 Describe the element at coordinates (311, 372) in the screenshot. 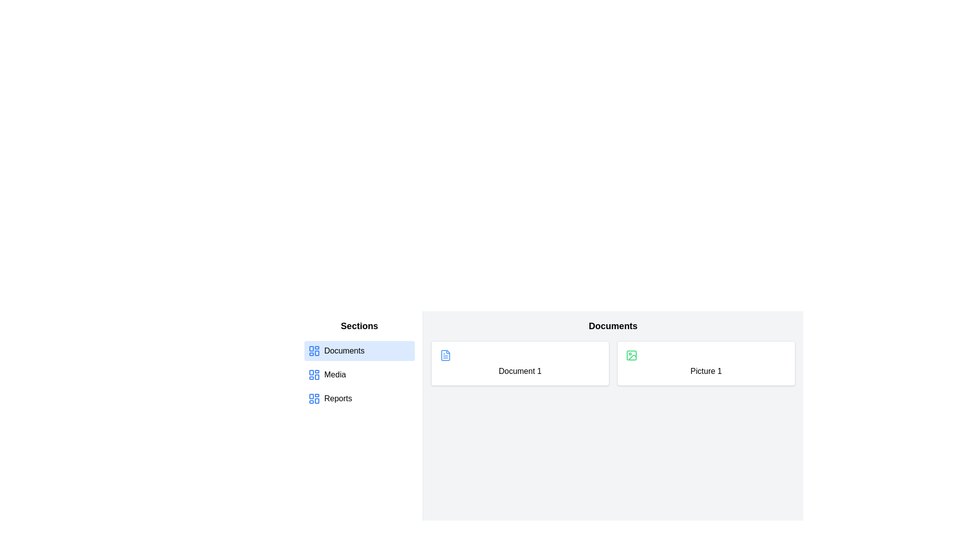

I see `the top-left rectangular shape within the dashboard layout icon located in the sidebar menu next to the 'Media' text` at that location.